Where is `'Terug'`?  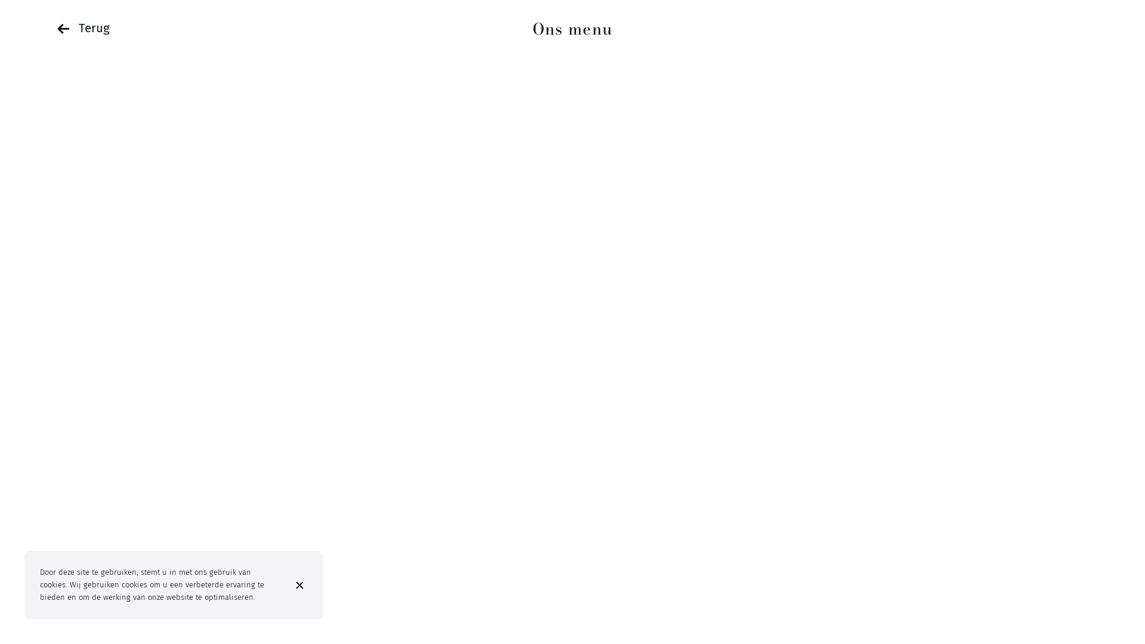 'Terug' is located at coordinates (82, 27).